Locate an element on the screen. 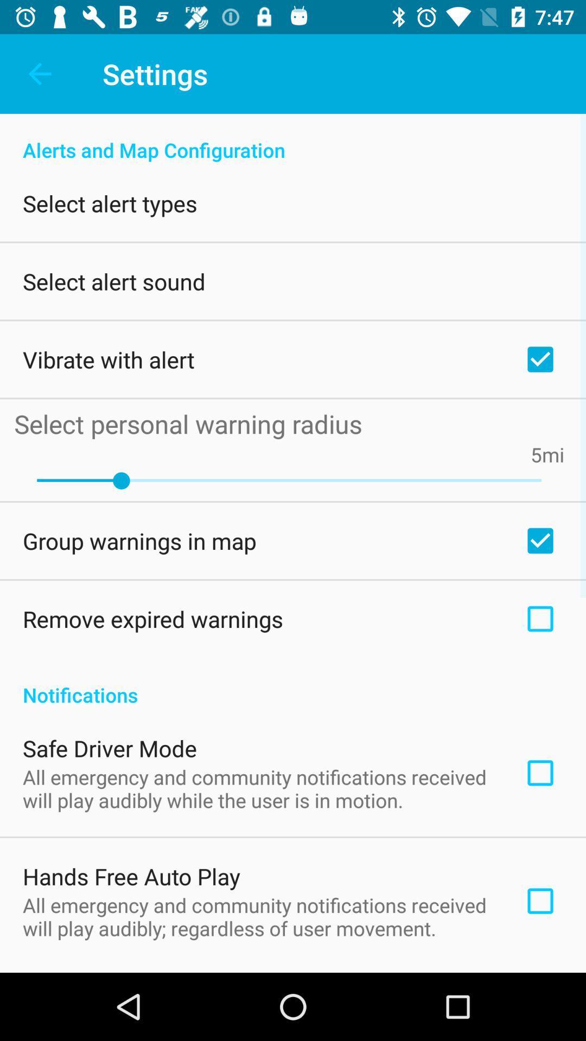 The width and height of the screenshot is (586, 1041). alerts and map is located at coordinates (293, 138).